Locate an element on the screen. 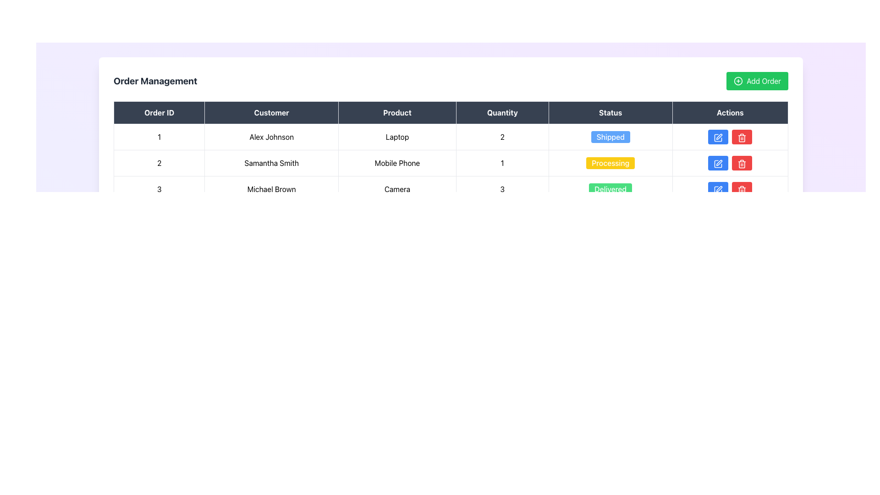  the 'Processing' status button for customer 'Samantha Smith' in the second row of the table under the 'Status' column is located at coordinates (610, 162).